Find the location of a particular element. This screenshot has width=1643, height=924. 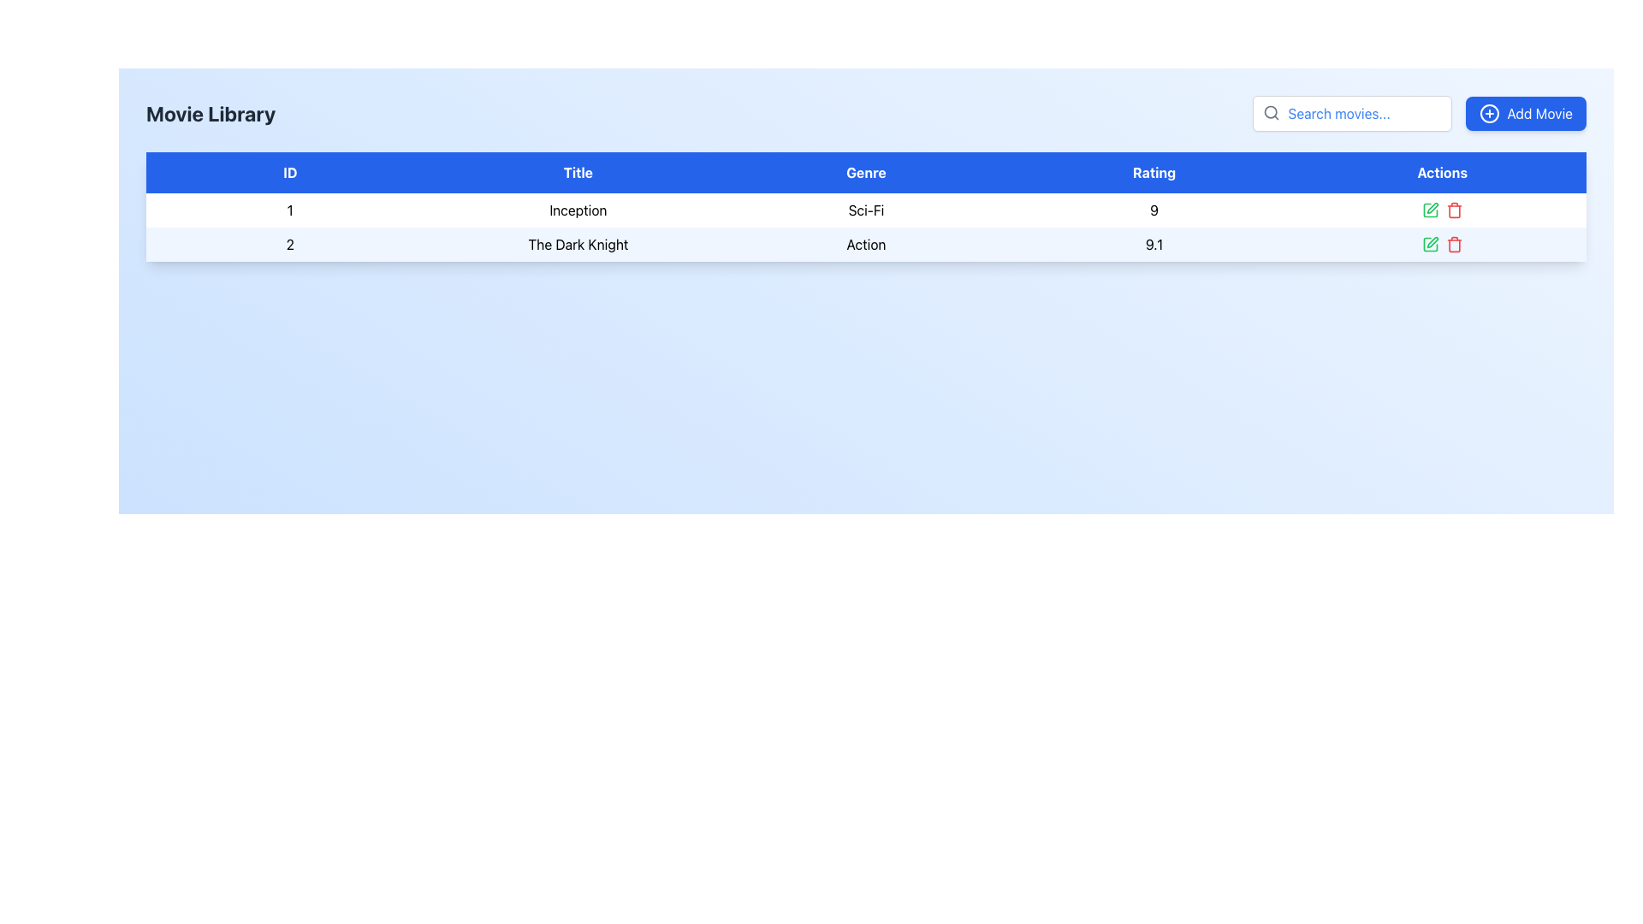

the delete button located in the rightmost position of the 'Actions' column in the second row of the data table is located at coordinates (1453, 244).